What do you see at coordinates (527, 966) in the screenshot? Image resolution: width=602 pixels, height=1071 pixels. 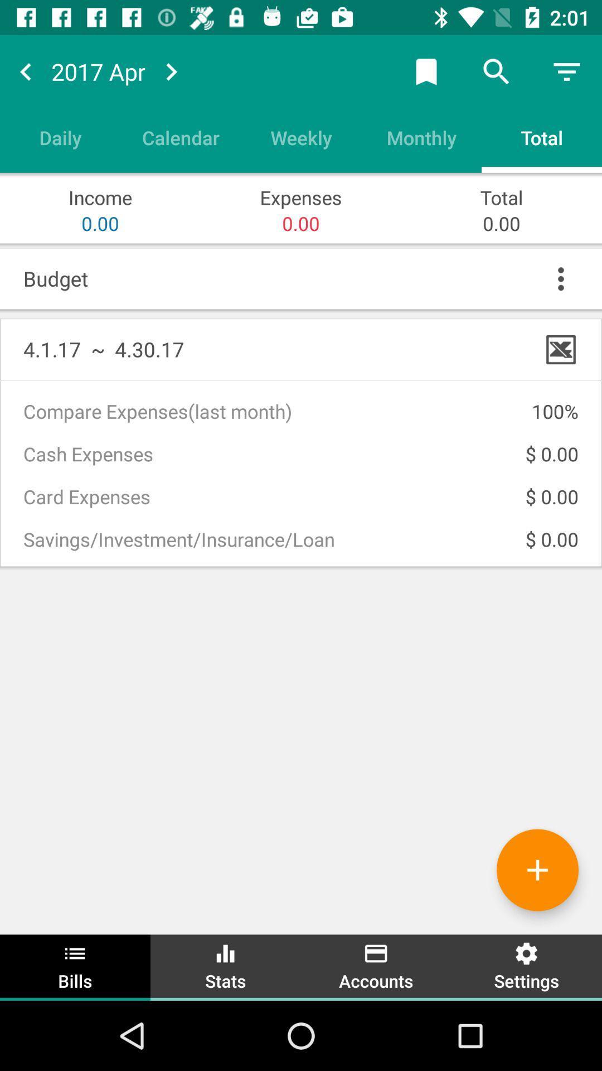 I see `settings item` at bounding box center [527, 966].